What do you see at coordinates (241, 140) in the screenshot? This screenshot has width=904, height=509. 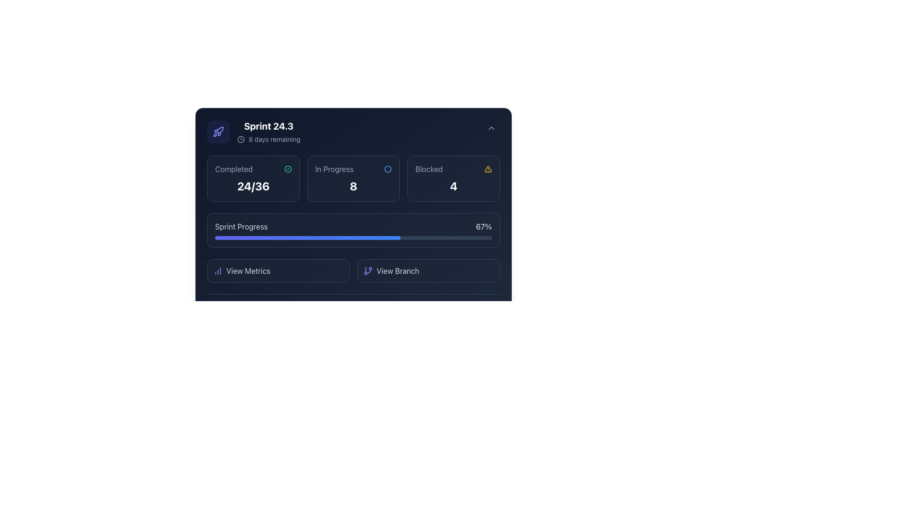 I see `the time representation icon (SVG) located to the left of the text '8 days remaining', which symbolizes the remaining duration in a project` at bounding box center [241, 140].